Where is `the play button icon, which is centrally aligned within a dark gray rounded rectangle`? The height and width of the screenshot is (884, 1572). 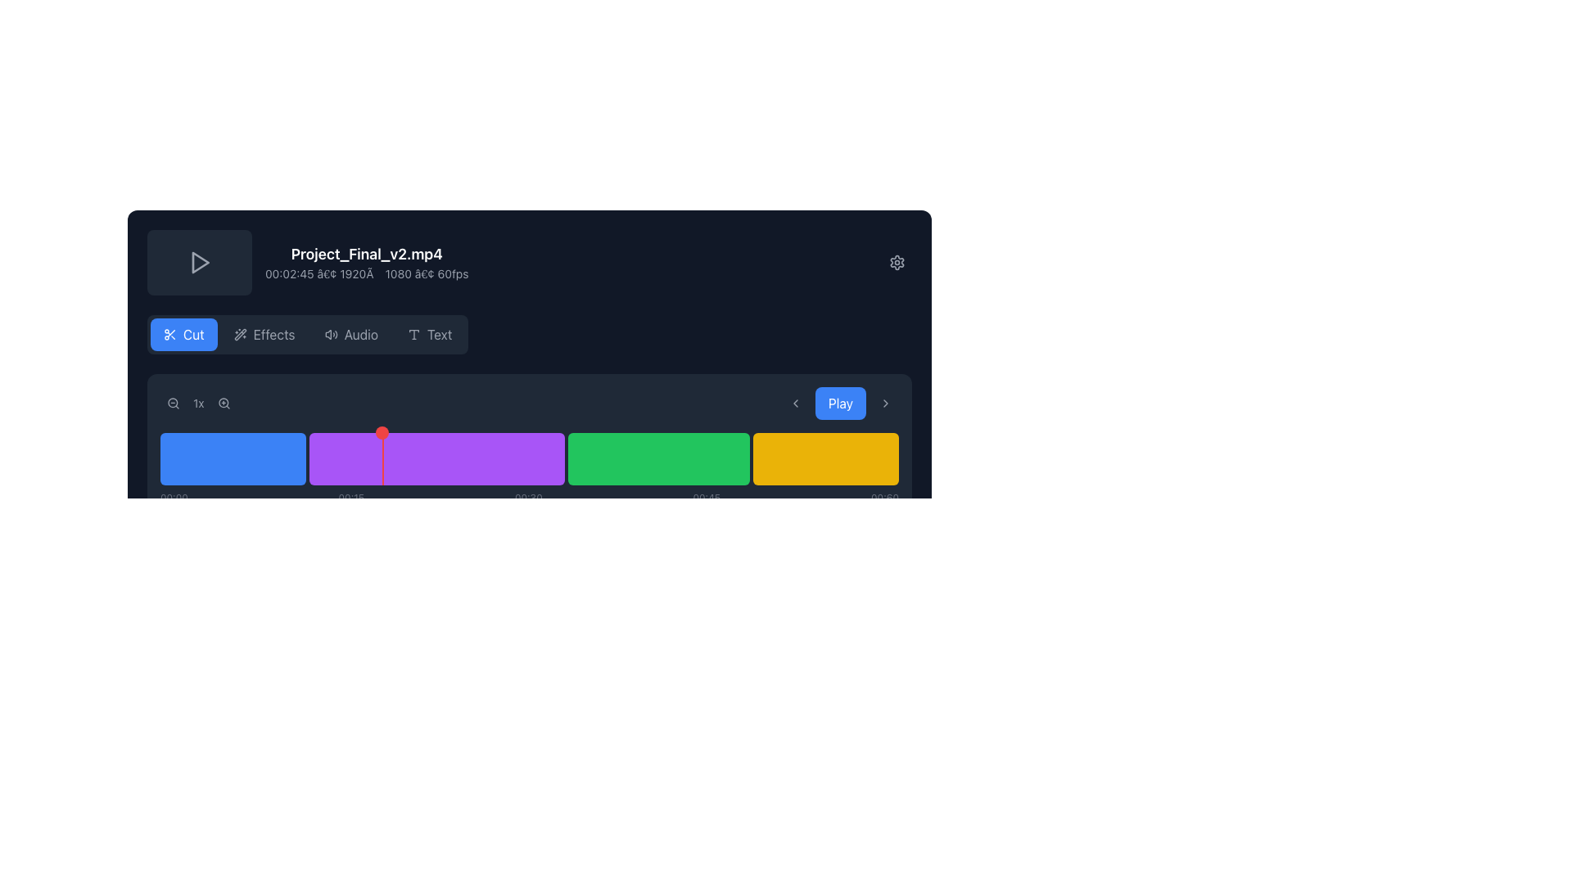
the play button icon, which is centrally aligned within a dark gray rounded rectangle is located at coordinates (199, 261).